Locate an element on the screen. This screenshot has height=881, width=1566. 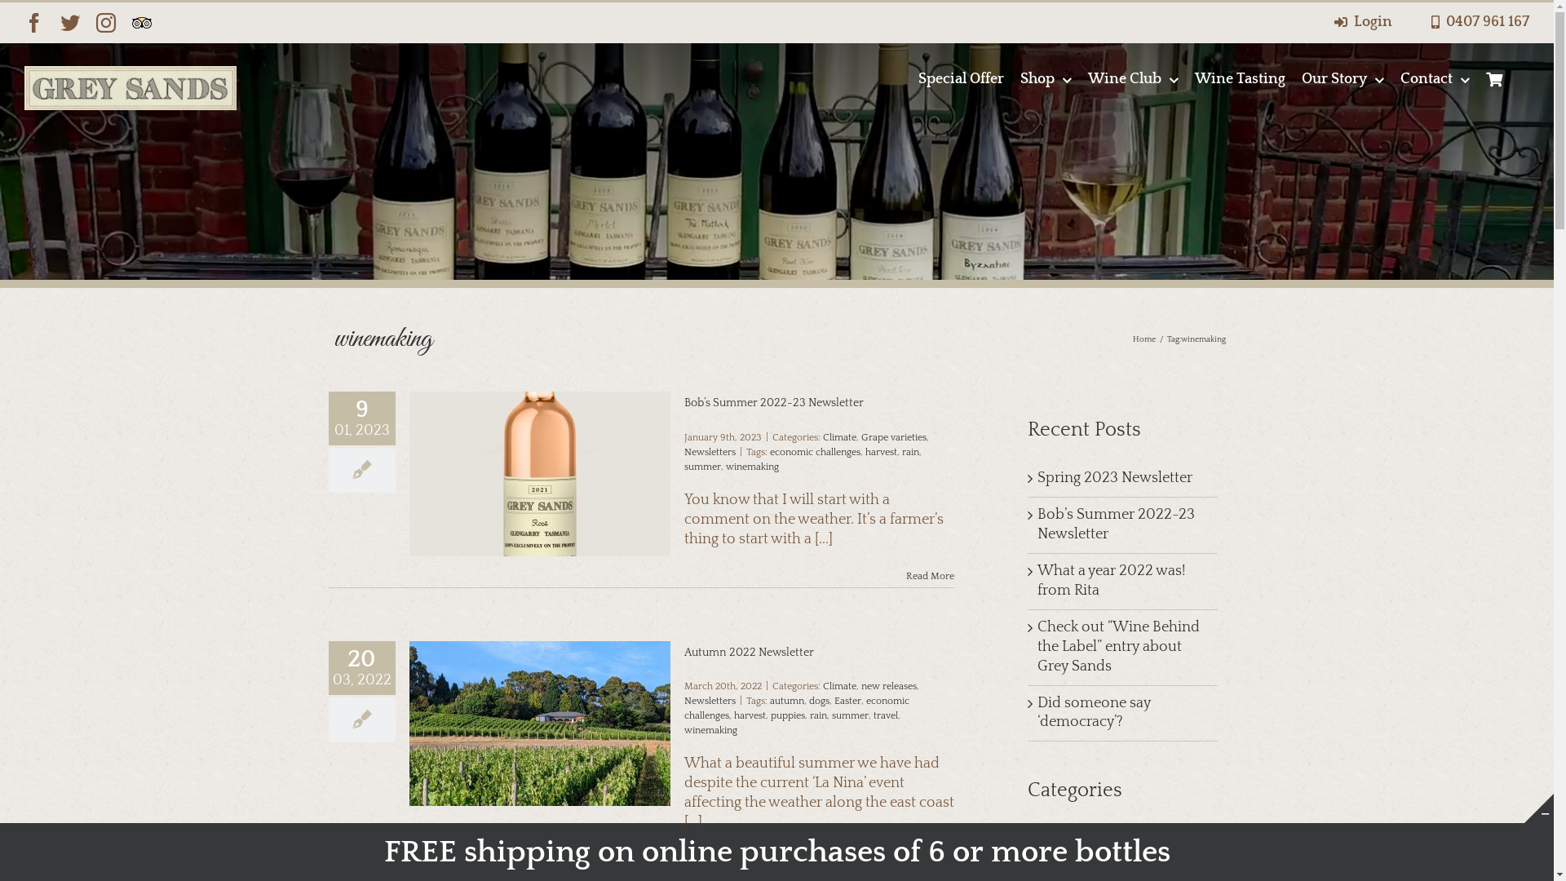
'puppies' is located at coordinates (786, 715).